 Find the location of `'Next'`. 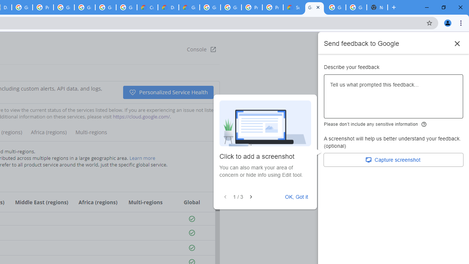

'Next' is located at coordinates (251, 197).